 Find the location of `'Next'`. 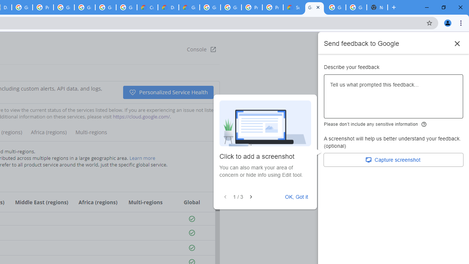

'Next' is located at coordinates (251, 197).